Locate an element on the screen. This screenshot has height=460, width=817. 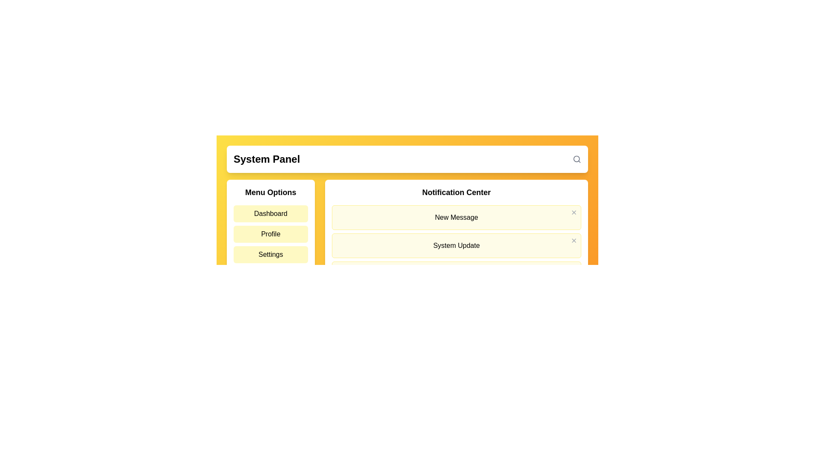
the close button (an 'X' symbol) located in the top-right corner of the 'New Message' notification box within the 'Notification Center' is located at coordinates (574, 212).